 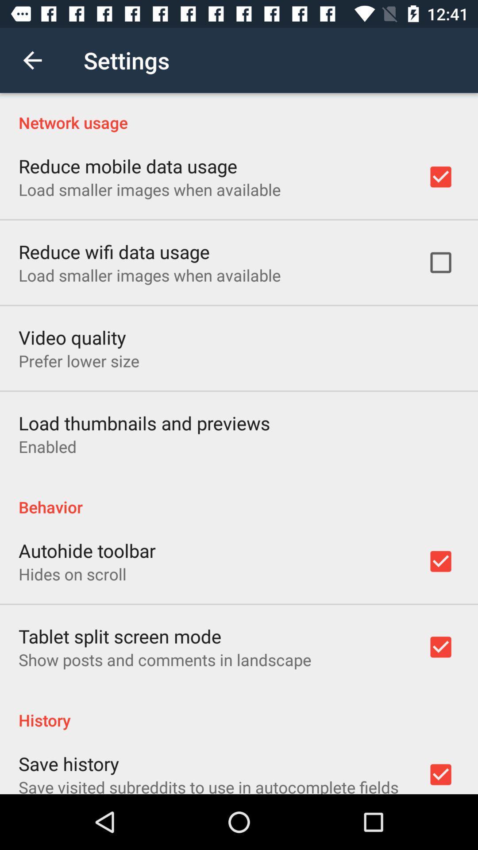 What do you see at coordinates (78, 361) in the screenshot?
I see `prefer lower size item` at bounding box center [78, 361].